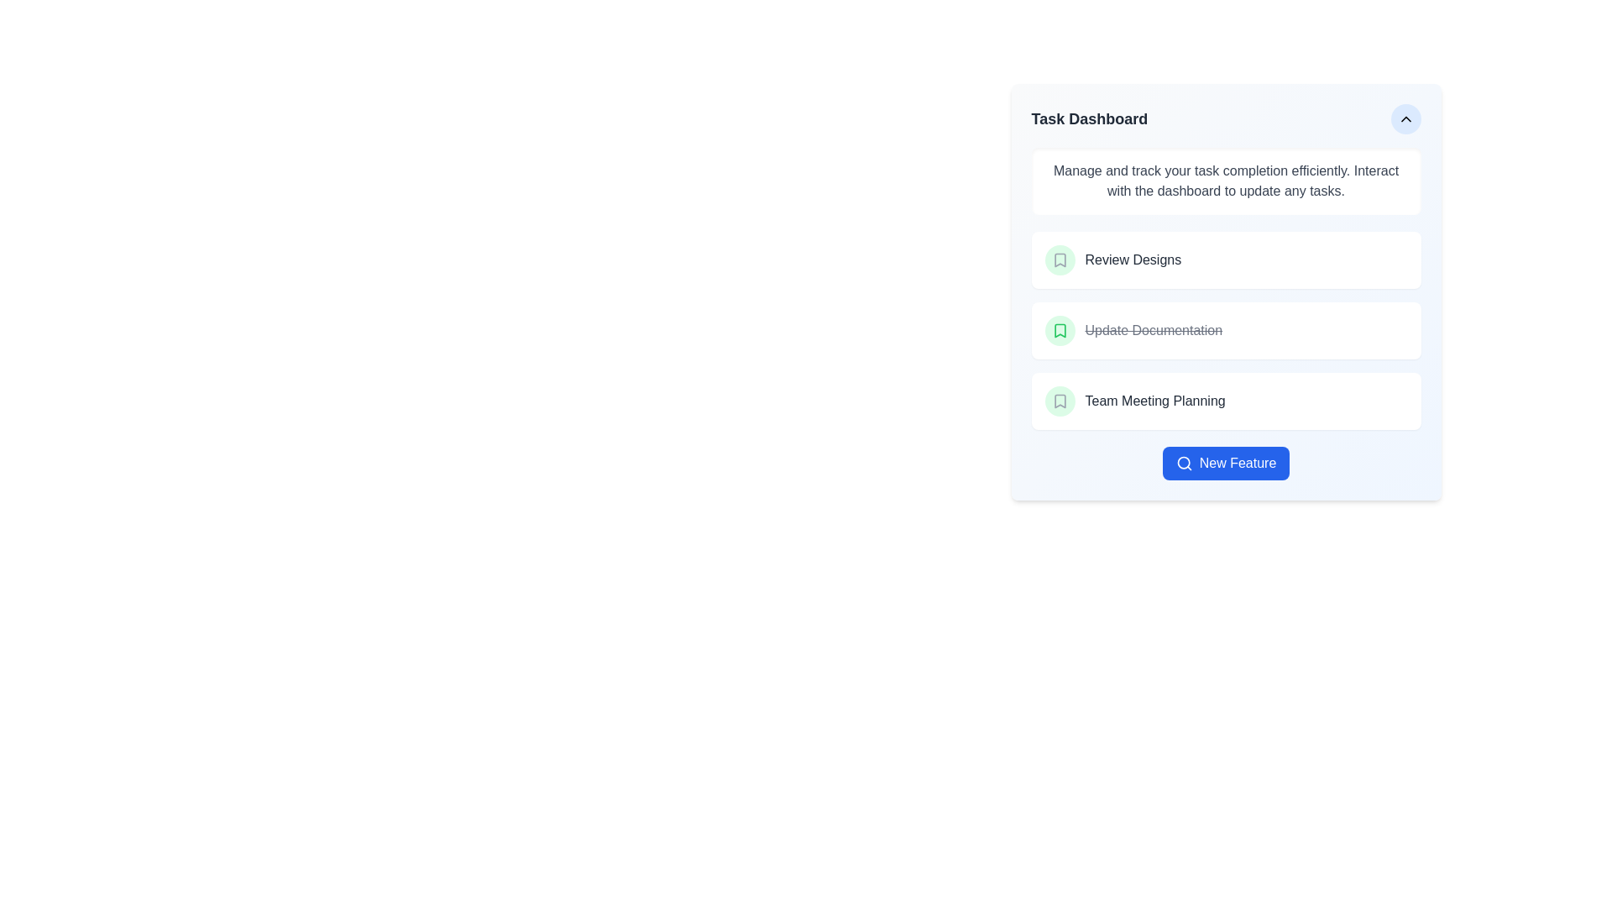 Image resolution: width=1612 pixels, height=907 pixels. What do you see at coordinates (1059, 401) in the screenshot?
I see `the gray bookmark icon with a circular light green background located at the end of the 'Team Meeting Planning' task row to bookmark the associated task` at bounding box center [1059, 401].